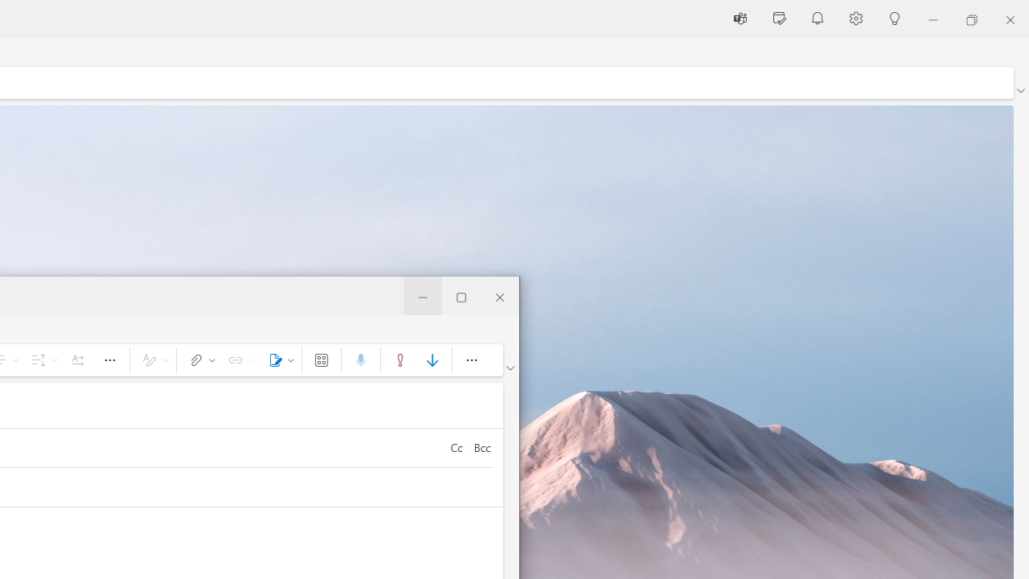  I want to click on 'Signature', so click(278, 359).